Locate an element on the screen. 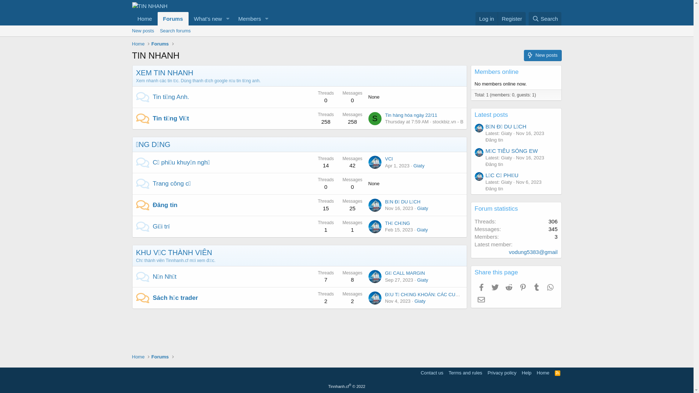 Image resolution: width=699 pixels, height=393 pixels. 'Reddit' is located at coordinates (502, 287).